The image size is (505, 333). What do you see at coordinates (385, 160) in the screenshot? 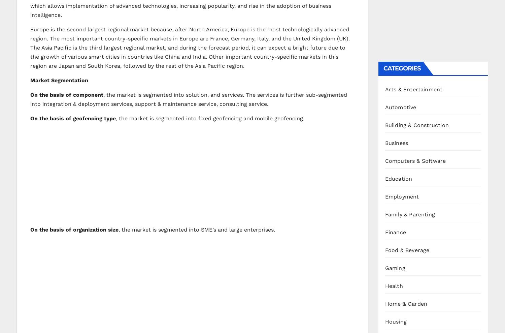
I see `'Computers & Software'` at bounding box center [385, 160].